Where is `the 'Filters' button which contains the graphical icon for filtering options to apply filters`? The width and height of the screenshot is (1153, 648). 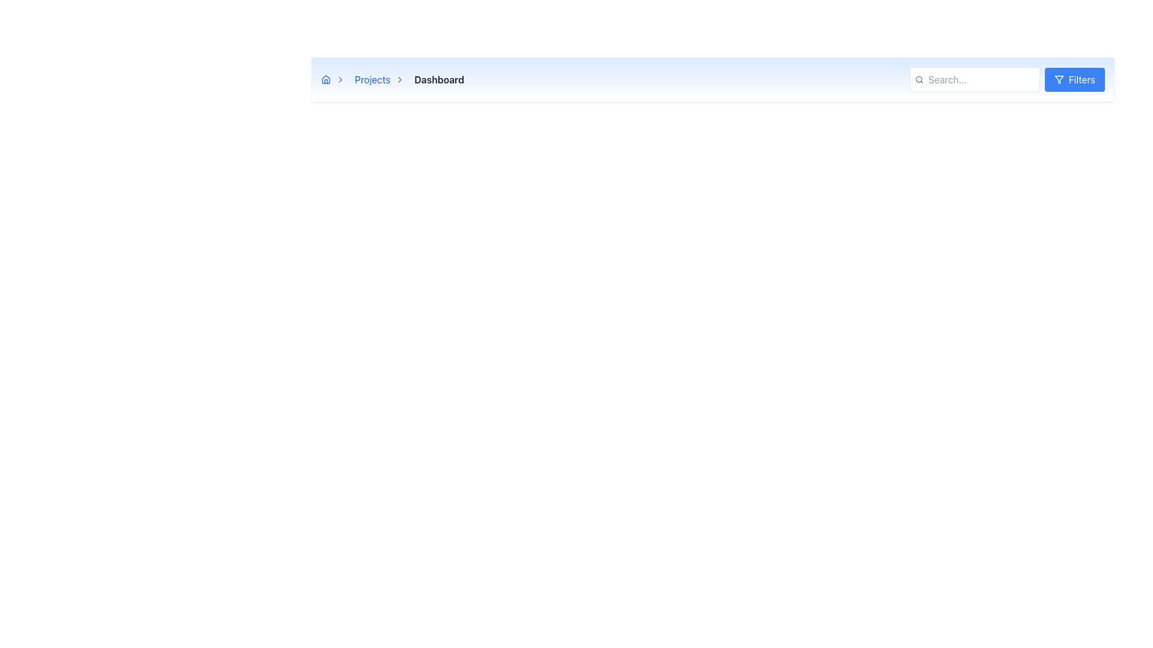
the 'Filters' button which contains the graphical icon for filtering options to apply filters is located at coordinates (1059, 79).